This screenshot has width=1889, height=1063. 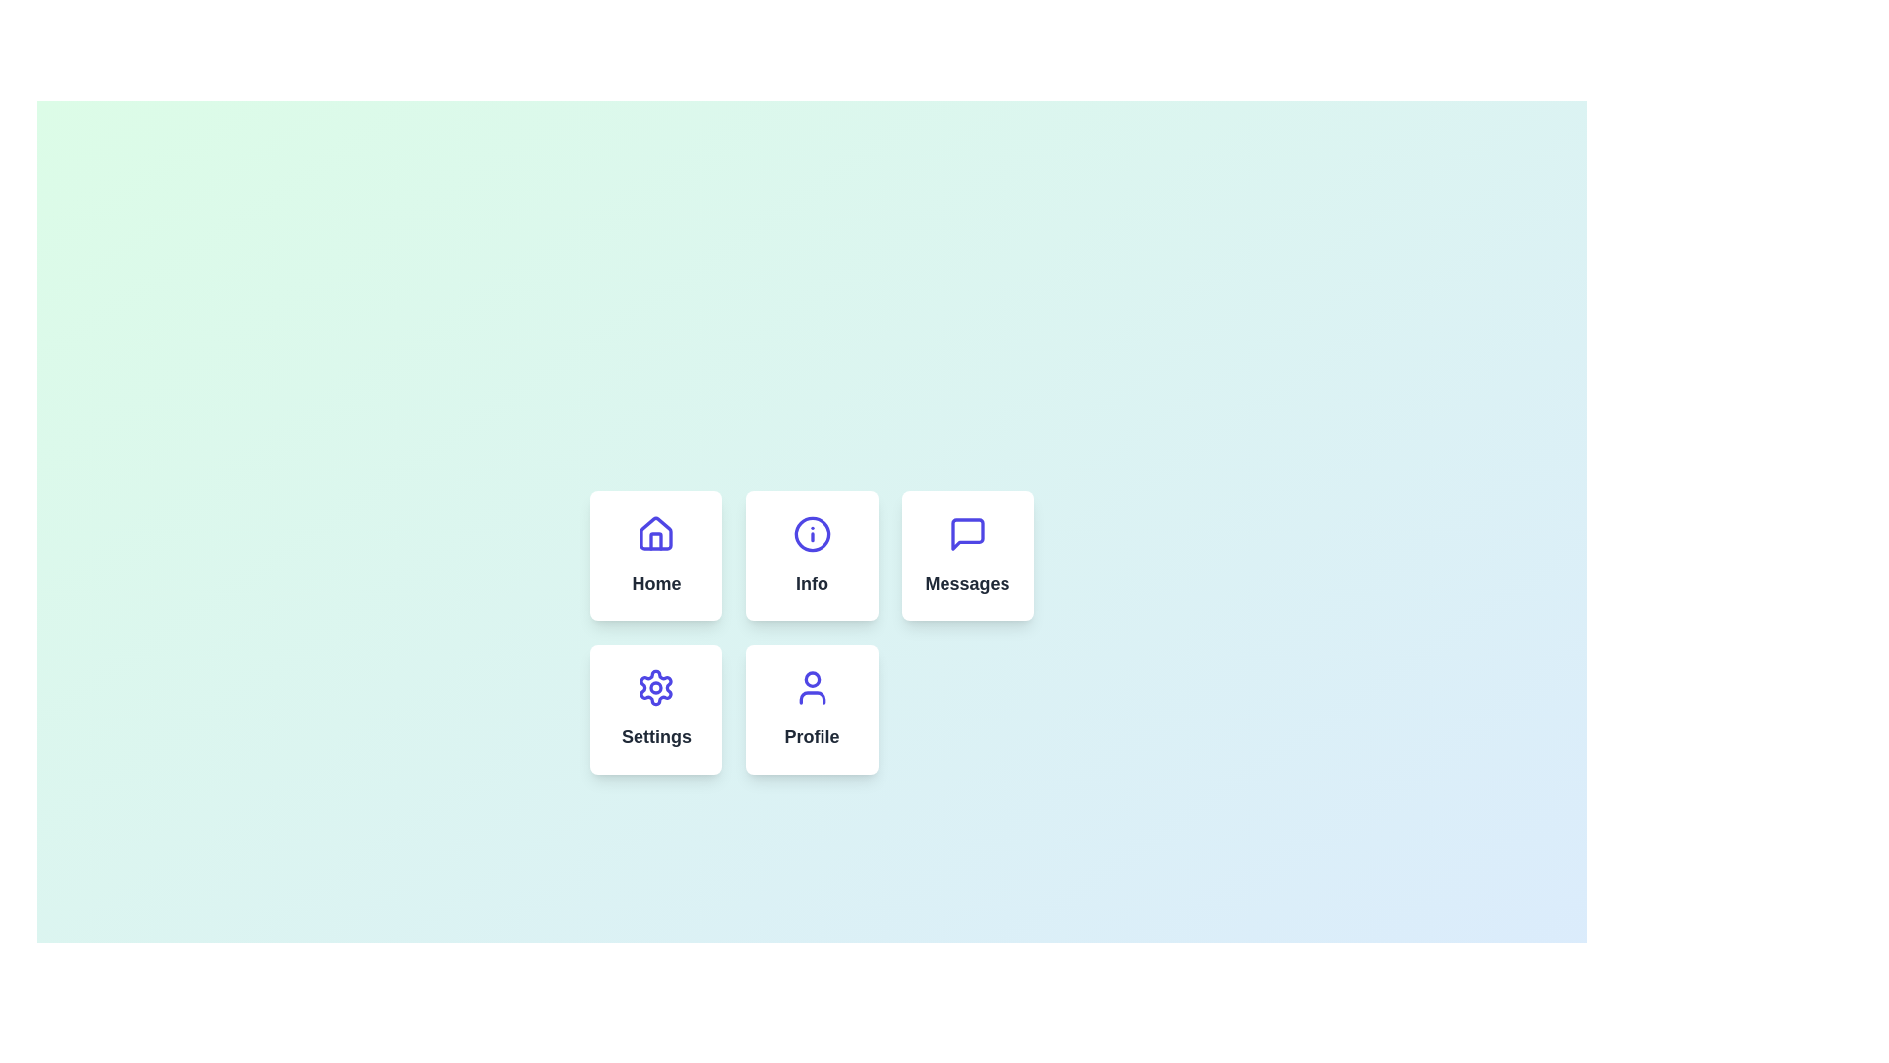 What do you see at coordinates (656, 686) in the screenshot?
I see `the gear-shaped icon in violet-blue color located within the white card labeled 'Settings'` at bounding box center [656, 686].